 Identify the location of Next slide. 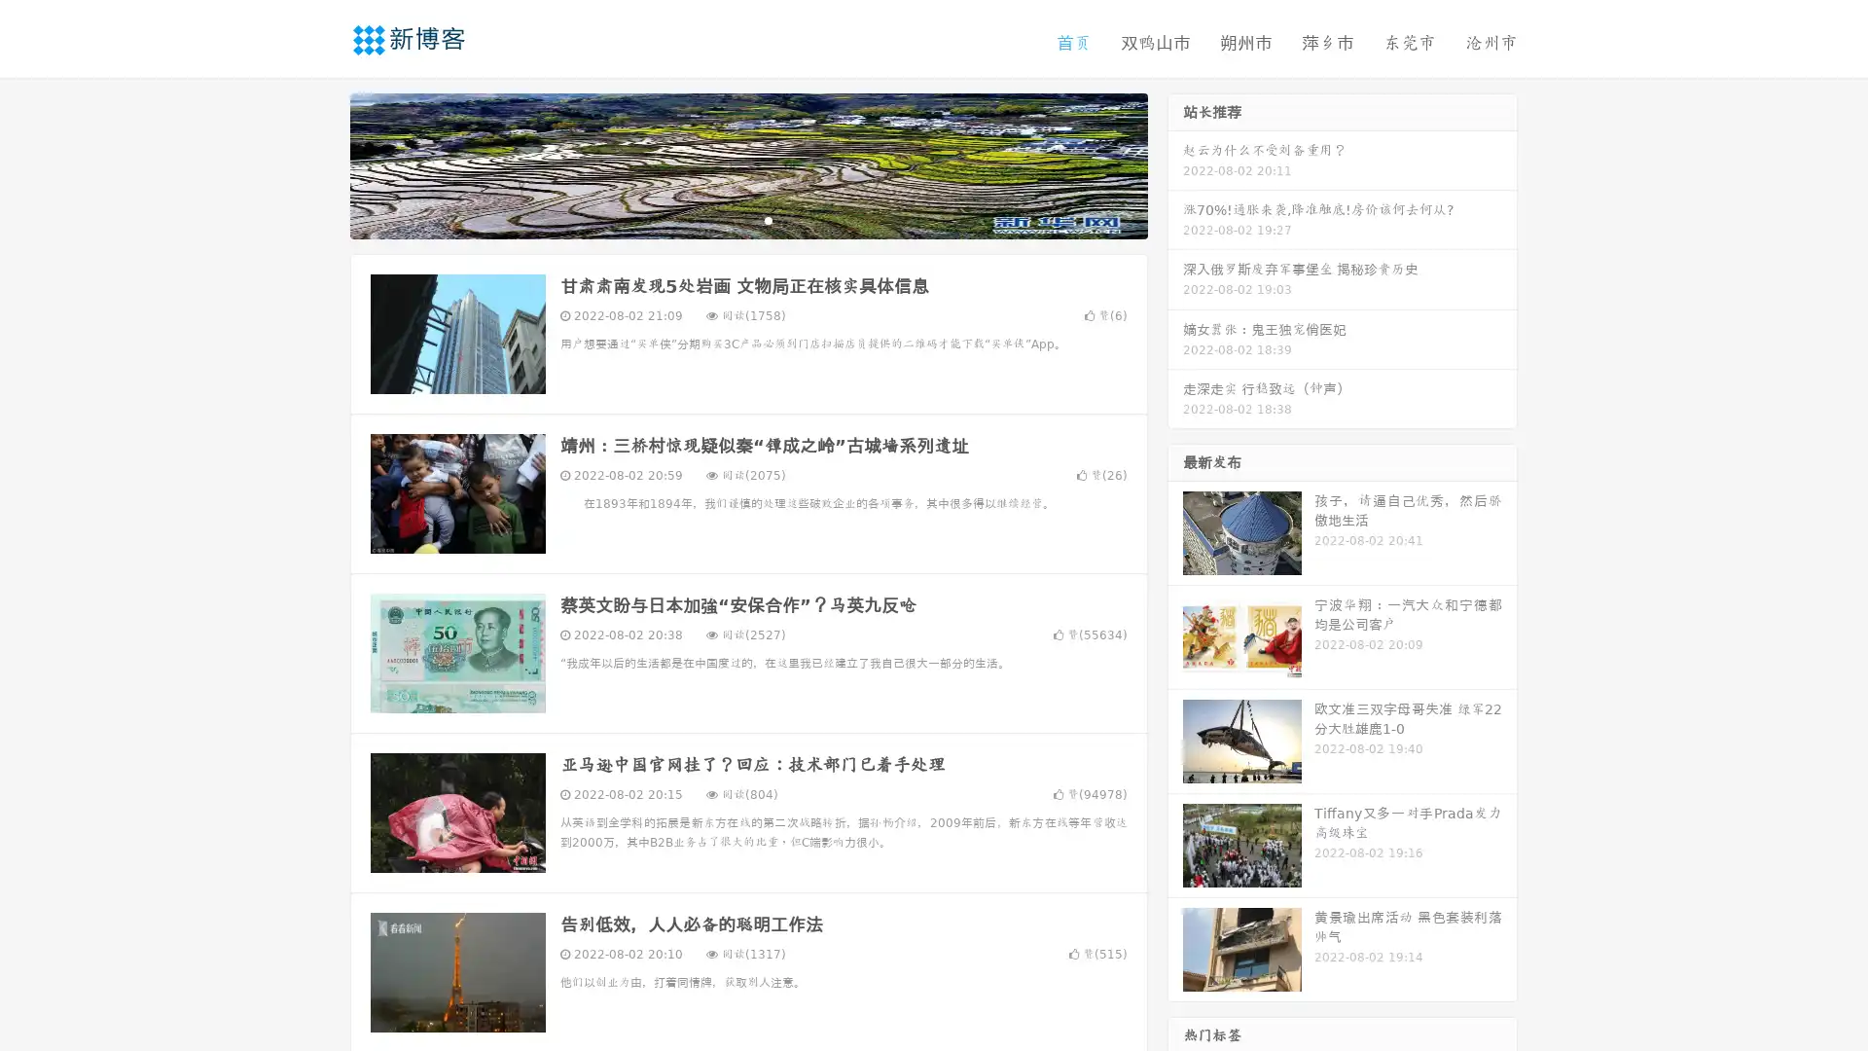
(1175, 163).